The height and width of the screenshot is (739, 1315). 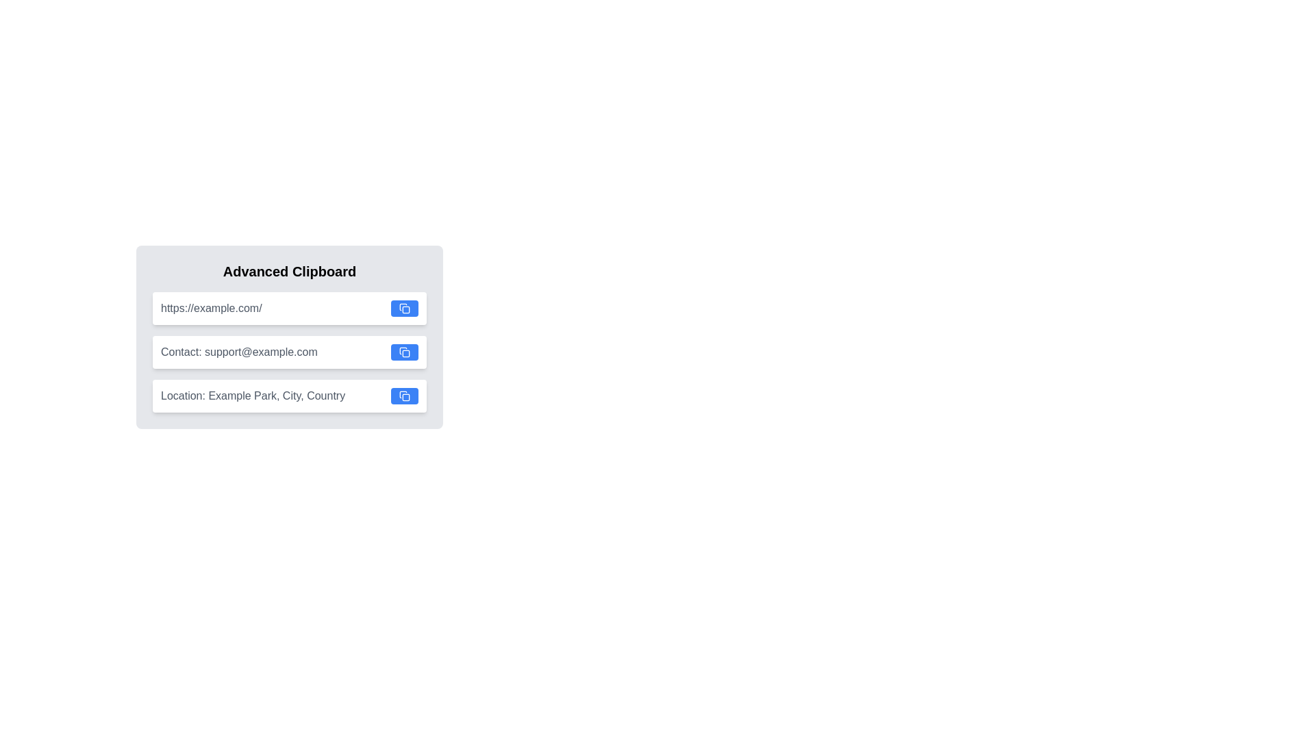 What do you see at coordinates (403, 352) in the screenshot?
I see `the button that copies the email address 'support@example.com'` at bounding box center [403, 352].